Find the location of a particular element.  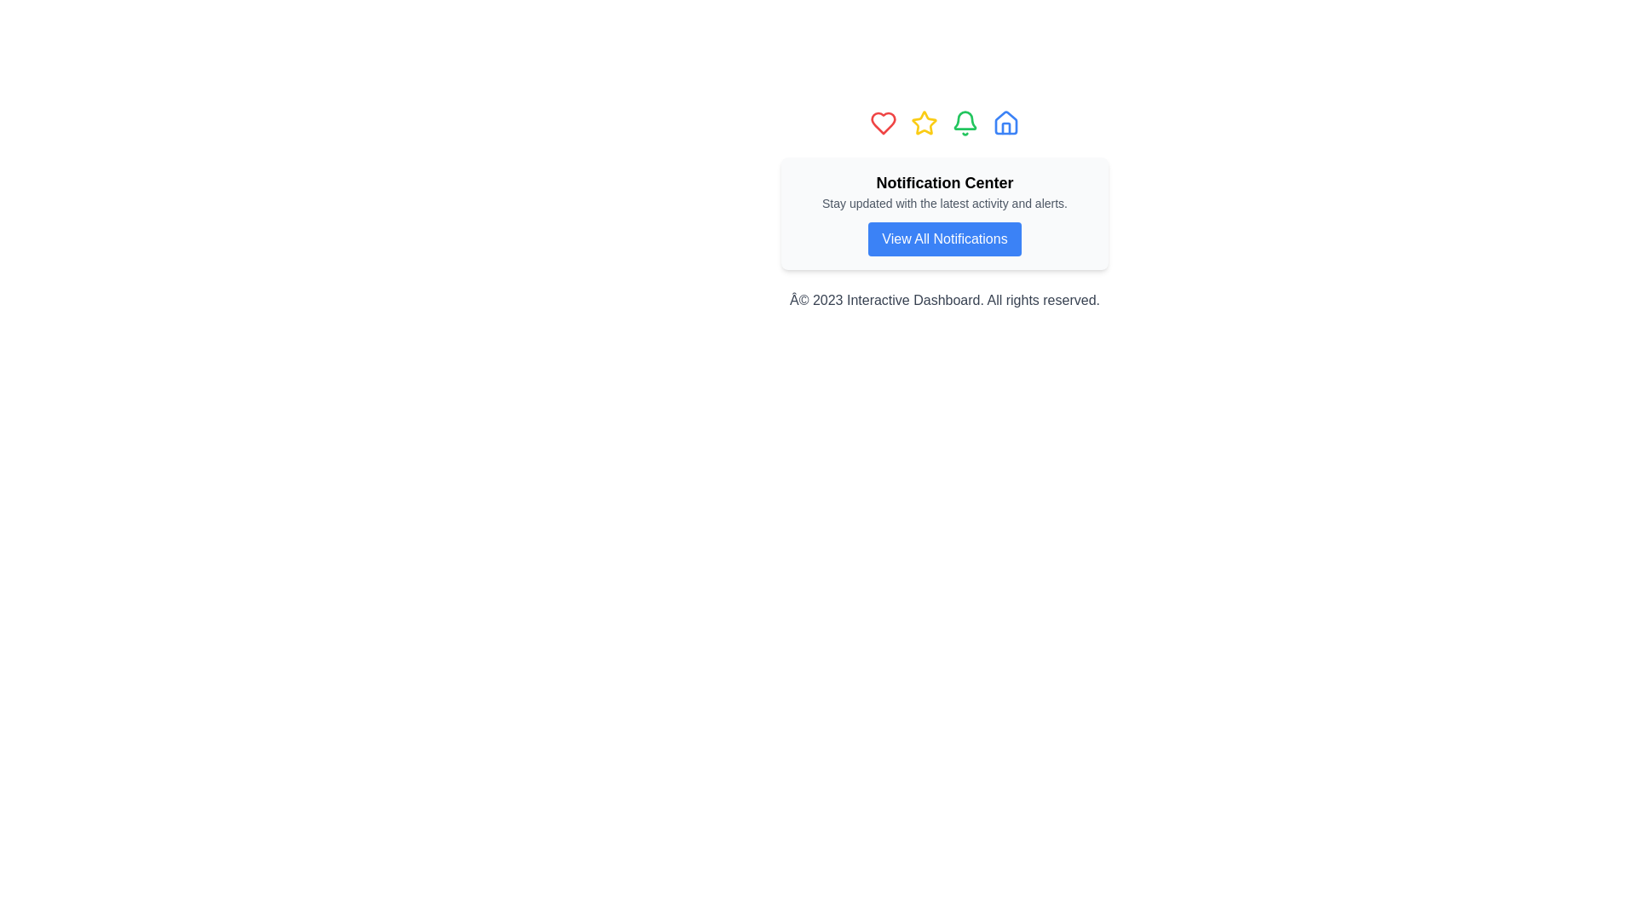

the notification icon (SVG graphic of a bell) located in the navigation bar, positioned between the star icon and the house icon is located at coordinates (965, 119).